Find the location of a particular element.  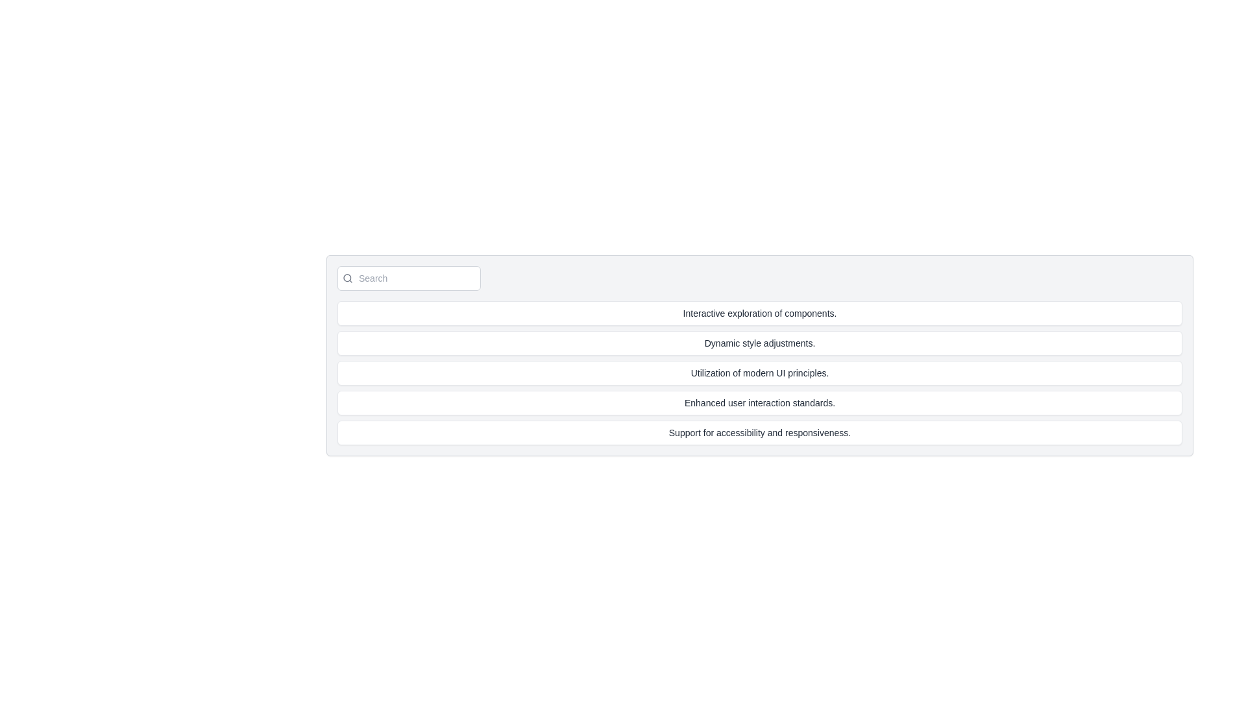

the text element displaying 'Support for accessibility and responsiveness.' which contains the 49th character in the sequence is located at coordinates (825, 433).